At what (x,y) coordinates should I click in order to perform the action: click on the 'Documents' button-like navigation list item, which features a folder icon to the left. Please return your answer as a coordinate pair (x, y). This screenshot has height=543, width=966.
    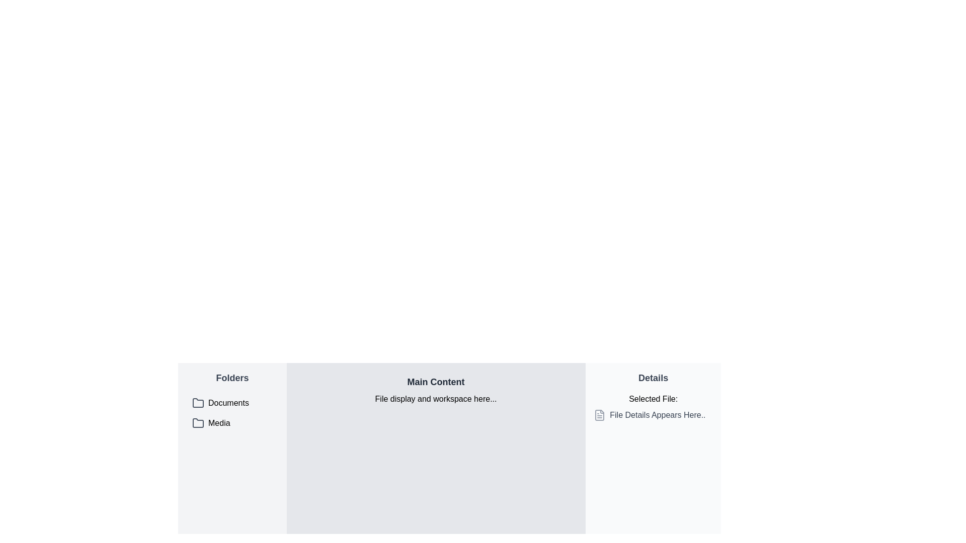
    Looking at the image, I should click on (231, 403).